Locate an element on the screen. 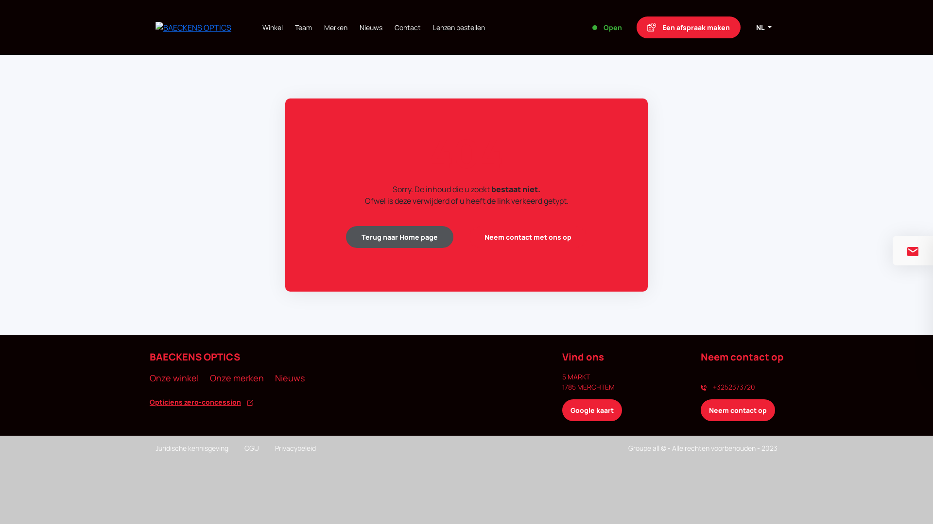 The width and height of the screenshot is (933, 524). 'Lenzen bestellen' is located at coordinates (432, 27).